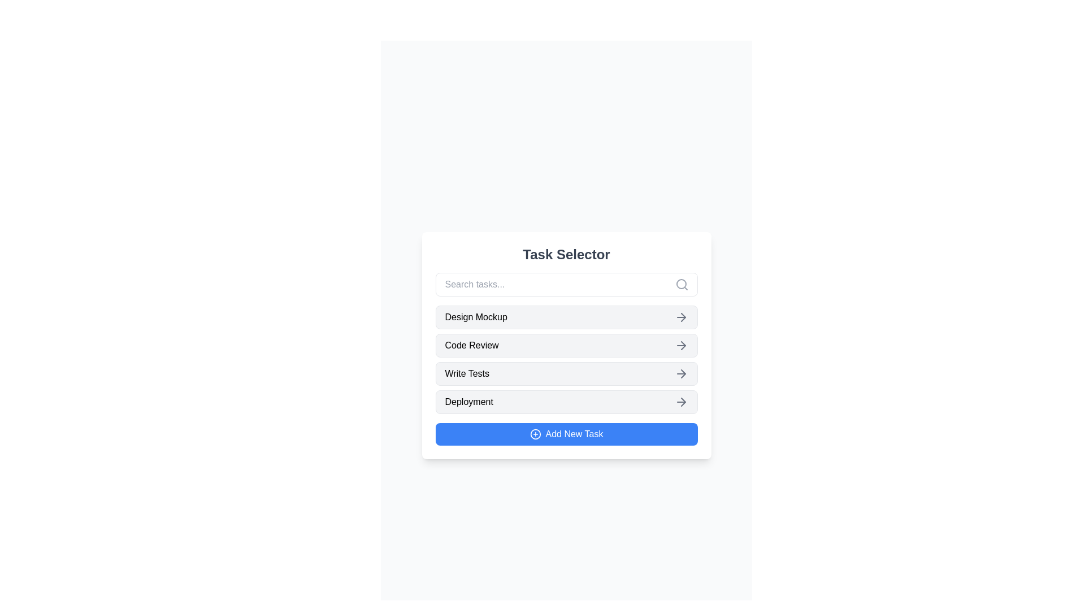  Describe the element at coordinates (566, 345) in the screenshot. I see `the 'Code Review' button using keyboard navigation` at that location.